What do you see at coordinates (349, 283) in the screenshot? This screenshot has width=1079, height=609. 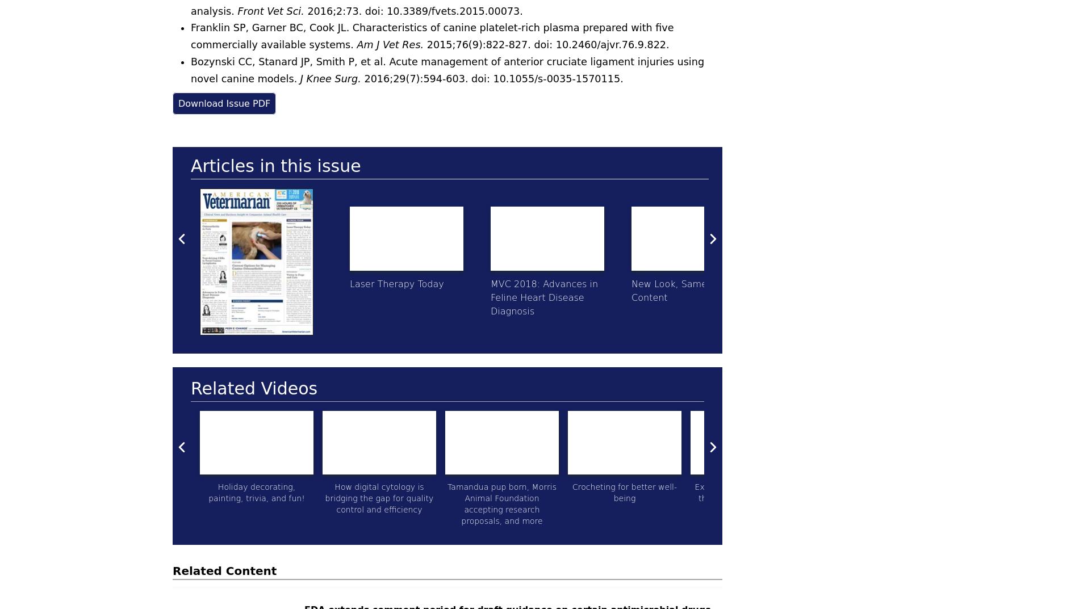 I see `'Laser Therapy Today'` at bounding box center [349, 283].